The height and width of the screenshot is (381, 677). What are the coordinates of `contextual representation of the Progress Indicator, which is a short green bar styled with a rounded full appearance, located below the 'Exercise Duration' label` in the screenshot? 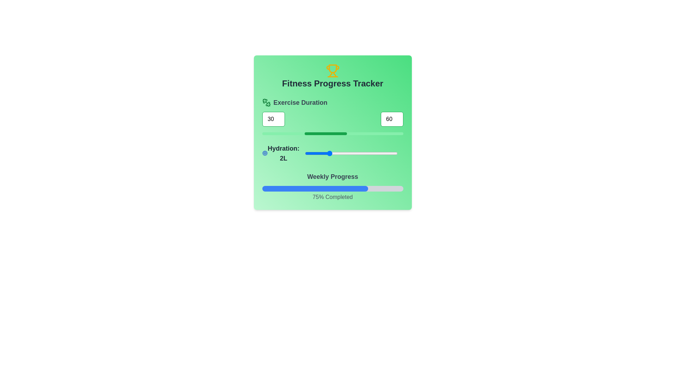 It's located at (325, 133).